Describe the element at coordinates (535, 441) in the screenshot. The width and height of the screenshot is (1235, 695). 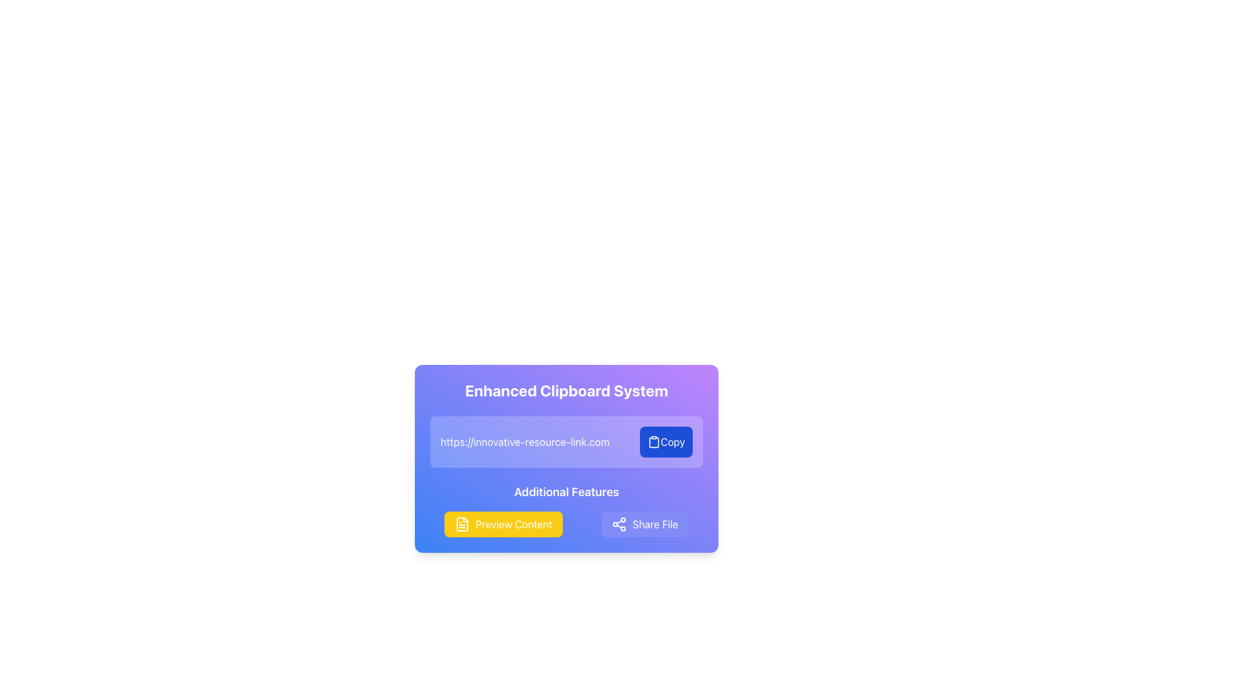
I see `the read-only text input field displaying the URL 'https://innovative-resource-link.com'` at that location.